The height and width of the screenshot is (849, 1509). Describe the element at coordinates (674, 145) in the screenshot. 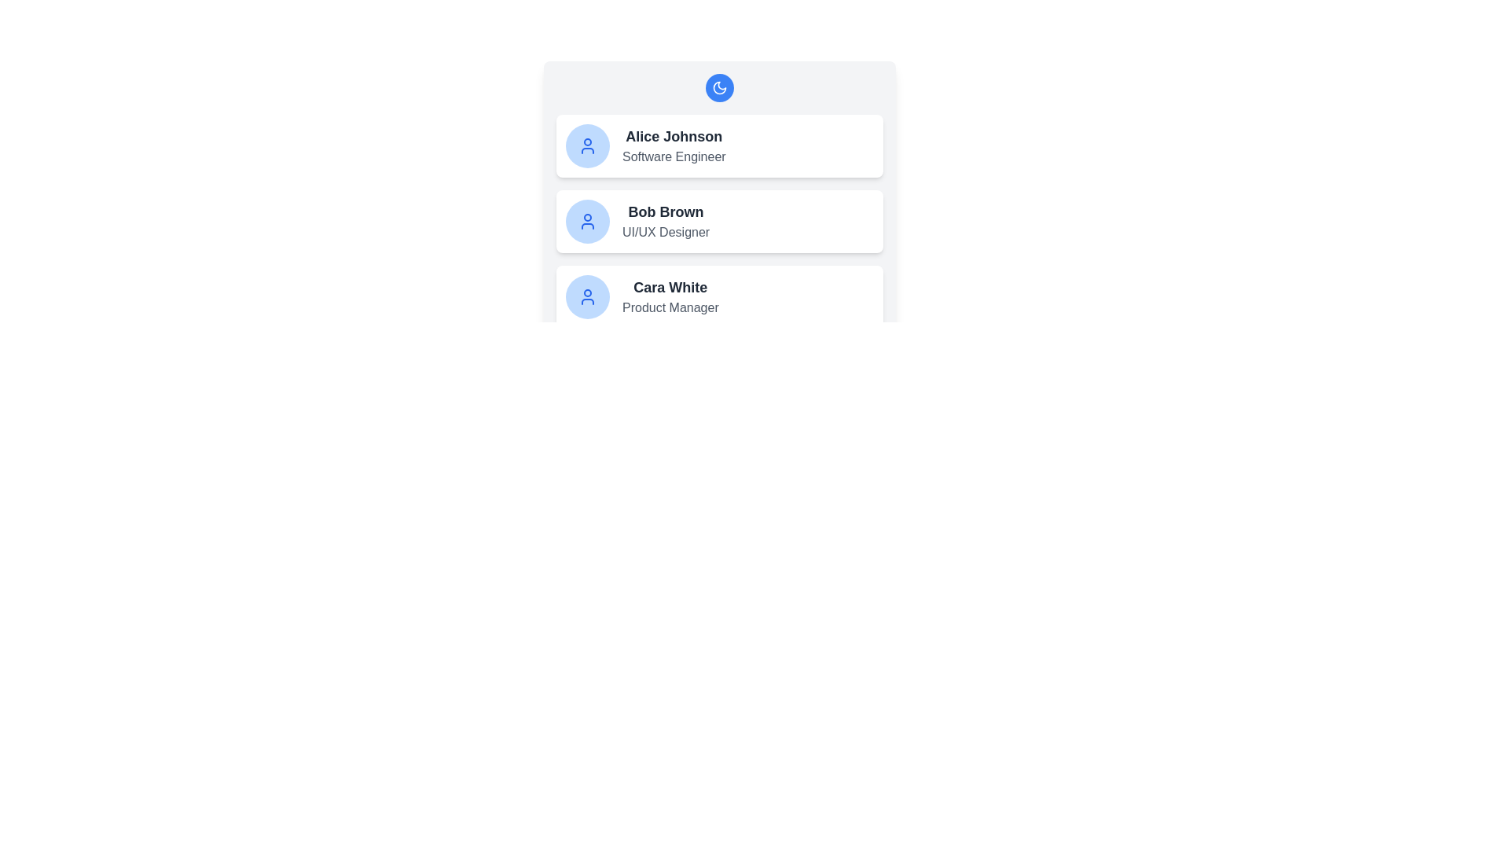

I see `the text 'Alice Johnson' within the Information display block` at that location.